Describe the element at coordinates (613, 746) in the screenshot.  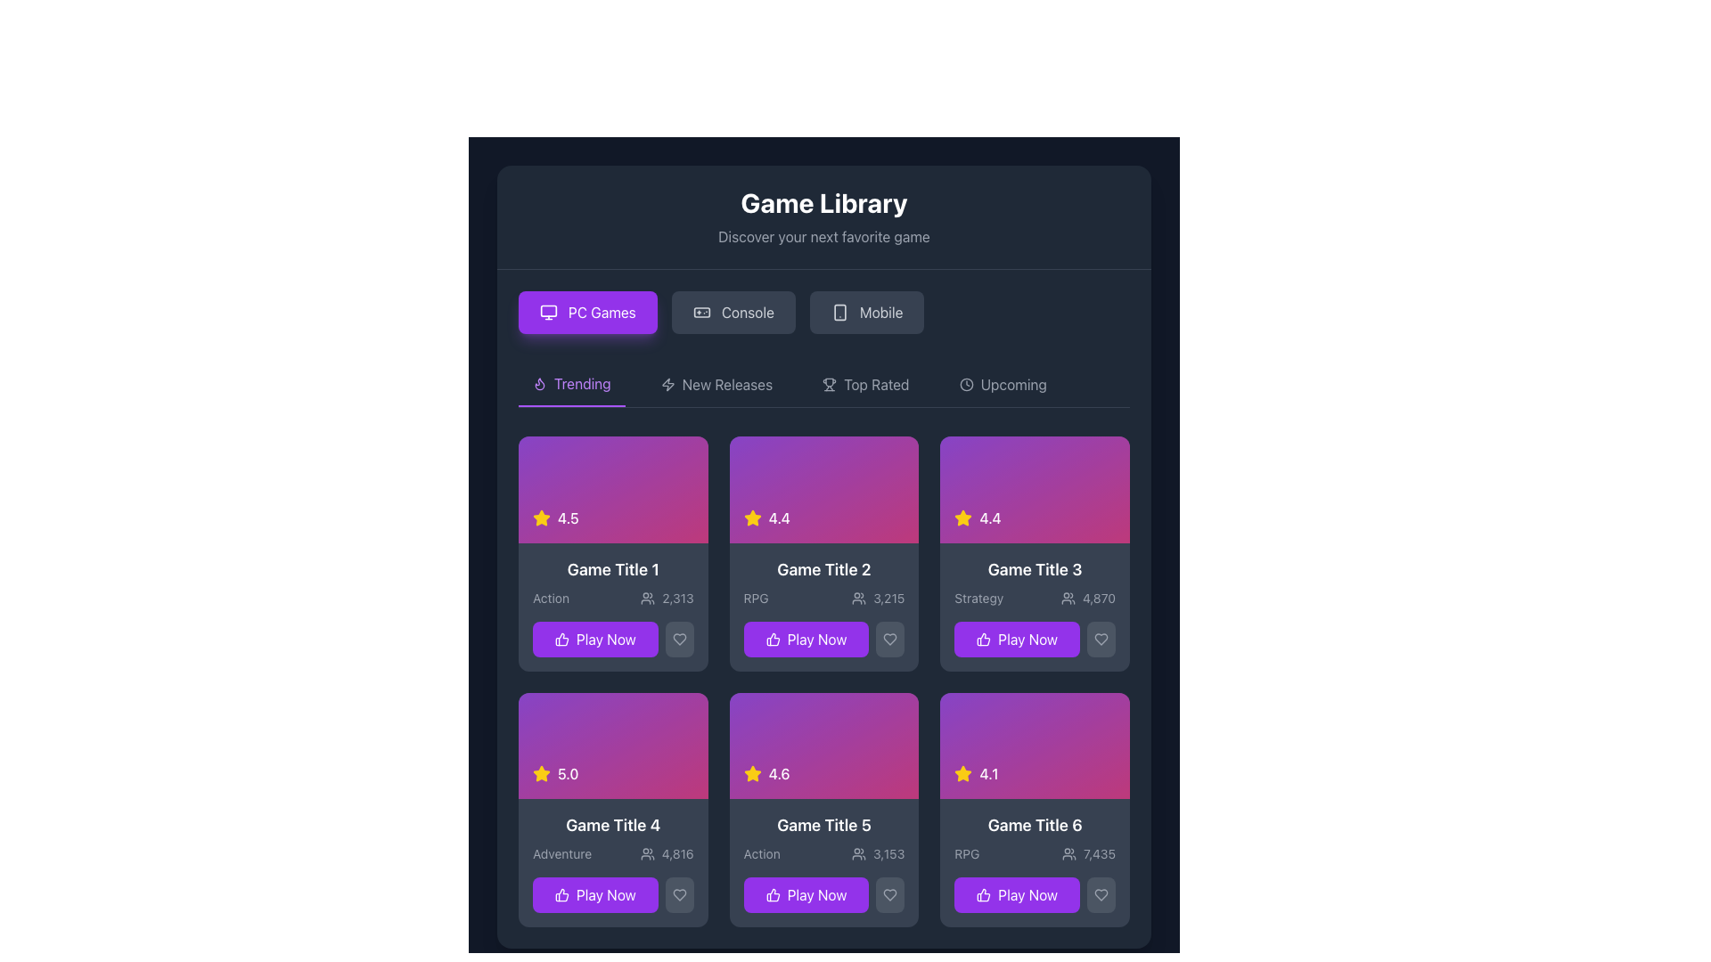
I see `the static informational visual element that displays the rating for 'Game Title 4', located in the second row, first column of the grid layout, directly above the game's title and action buttons` at that location.